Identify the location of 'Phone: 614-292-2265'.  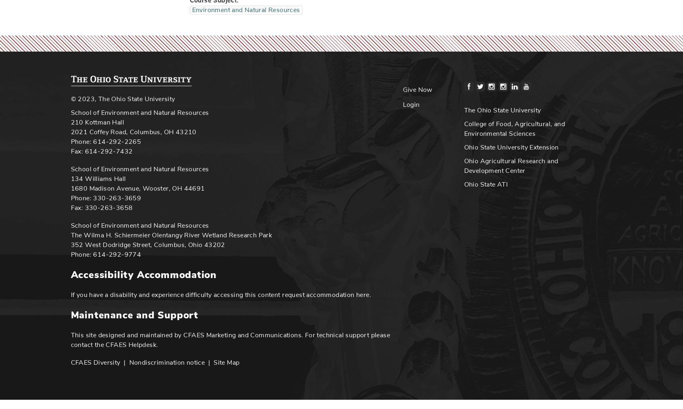
(106, 141).